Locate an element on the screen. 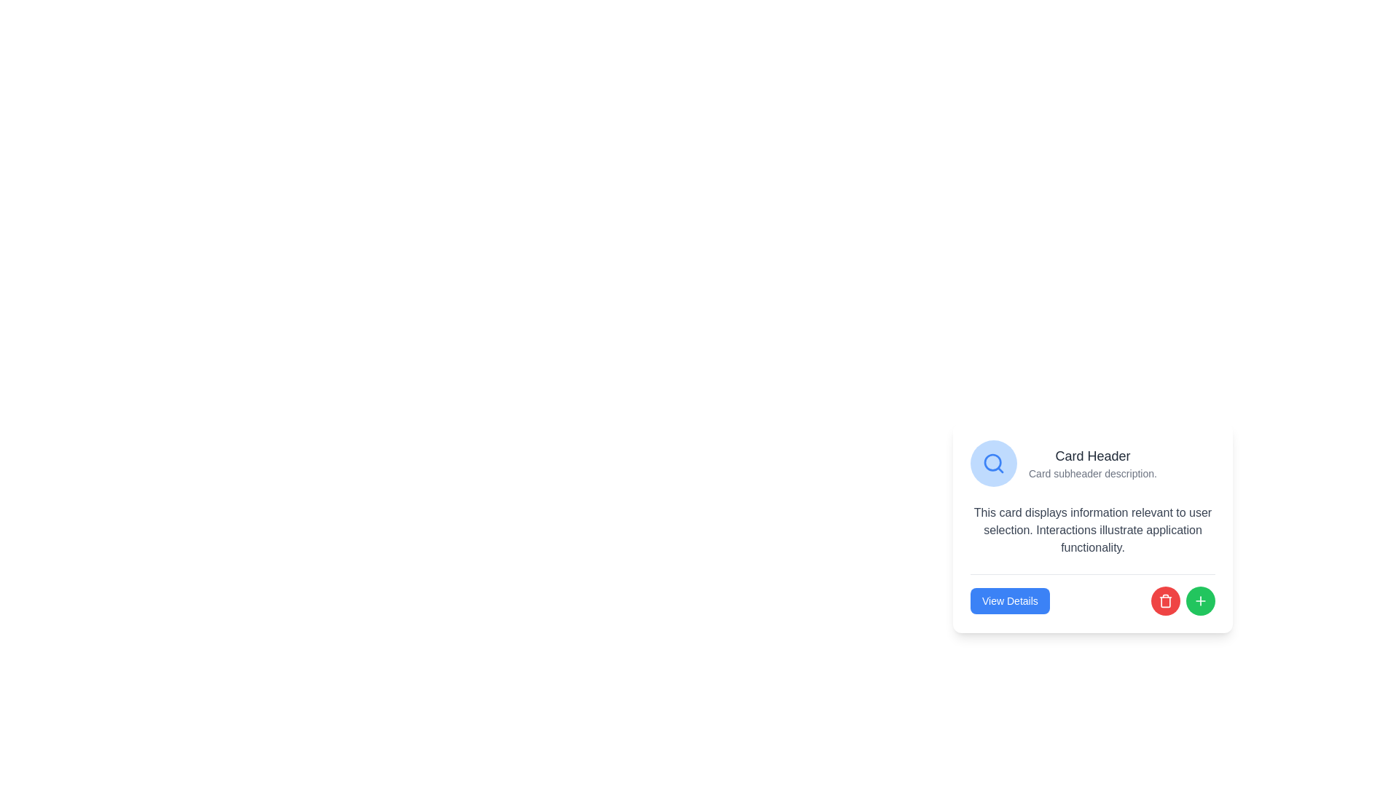 The height and width of the screenshot is (786, 1399). the rectangular 'View Details' button with a blue background and white text, located at the bottom-center of the card layout is located at coordinates (1009, 600).